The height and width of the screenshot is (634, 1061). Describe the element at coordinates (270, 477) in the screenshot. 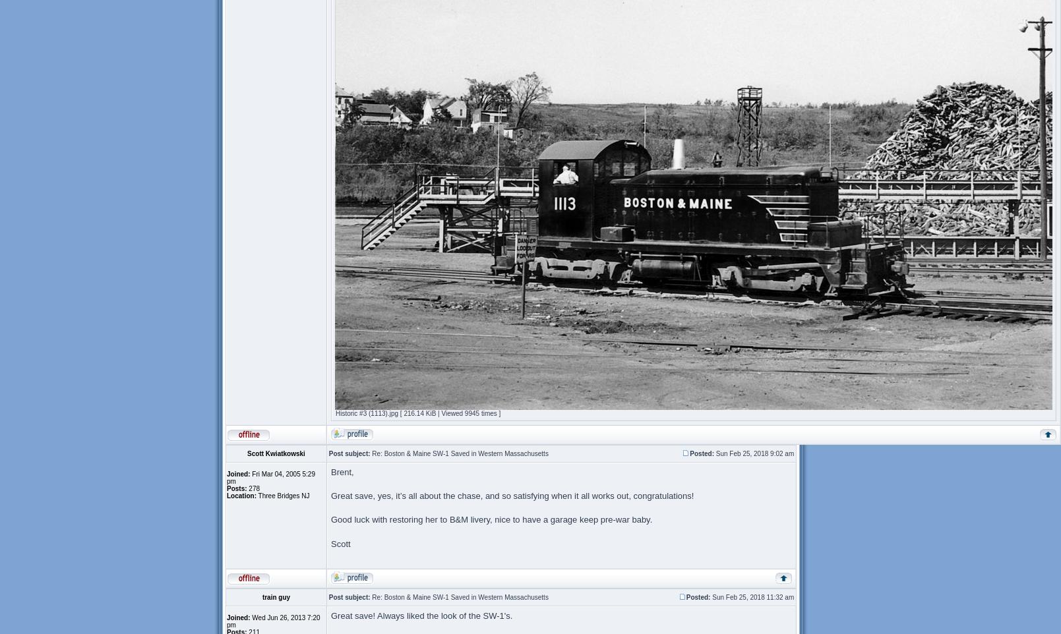

I see `'Fri Mar 04, 2005 5:29 pm'` at that location.